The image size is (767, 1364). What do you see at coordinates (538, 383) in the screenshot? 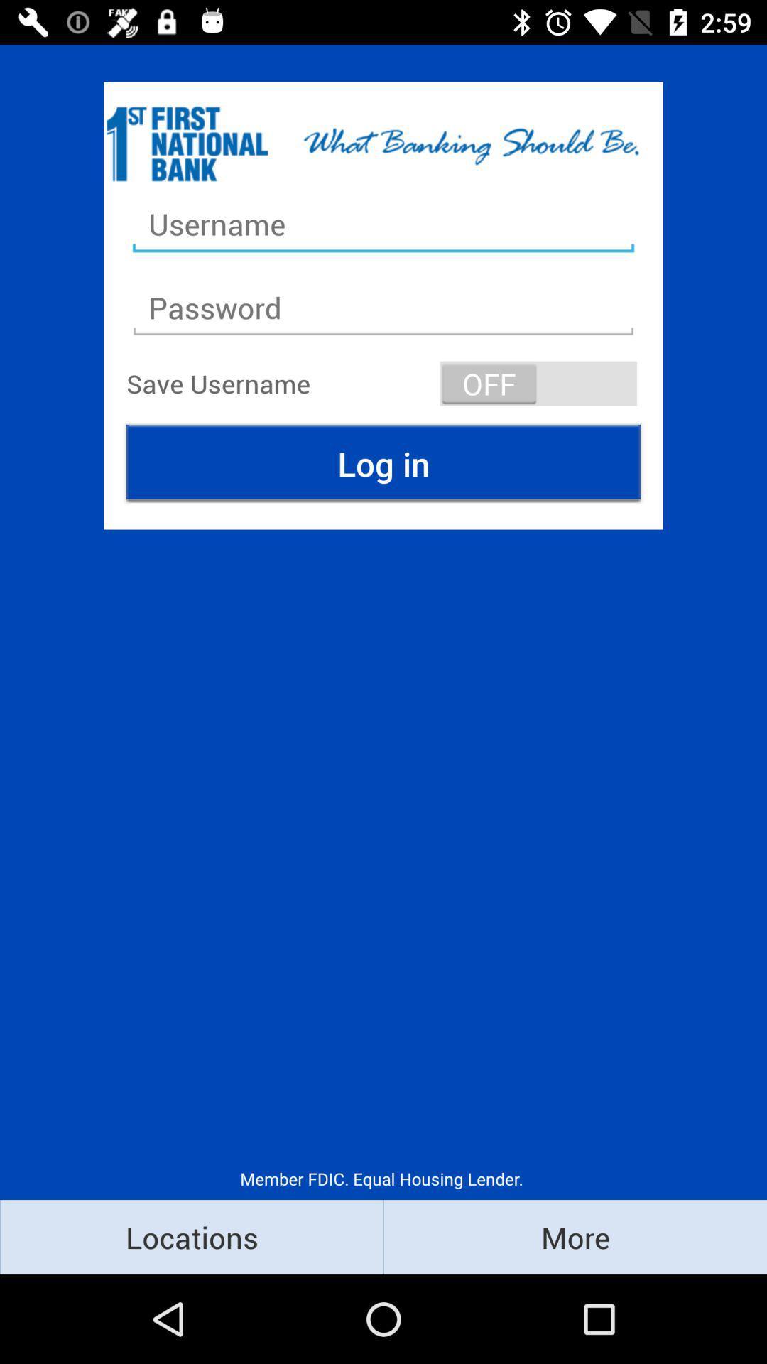
I see `the item to the right of the save username` at bounding box center [538, 383].